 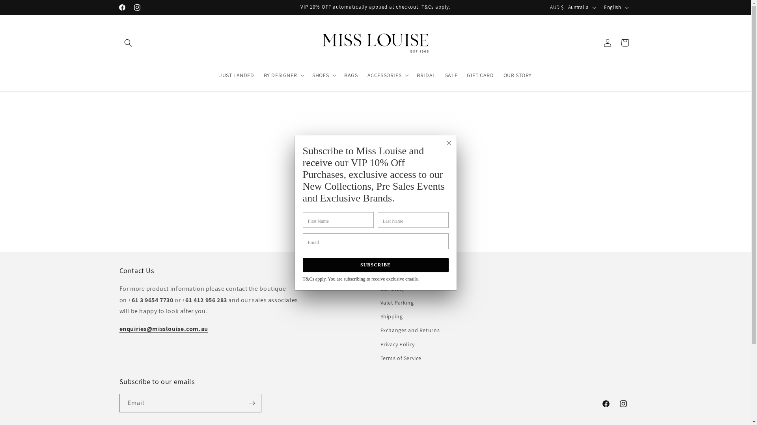 What do you see at coordinates (401, 358) in the screenshot?
I see `'Terms of Service'` at bounding box center [401, 358].